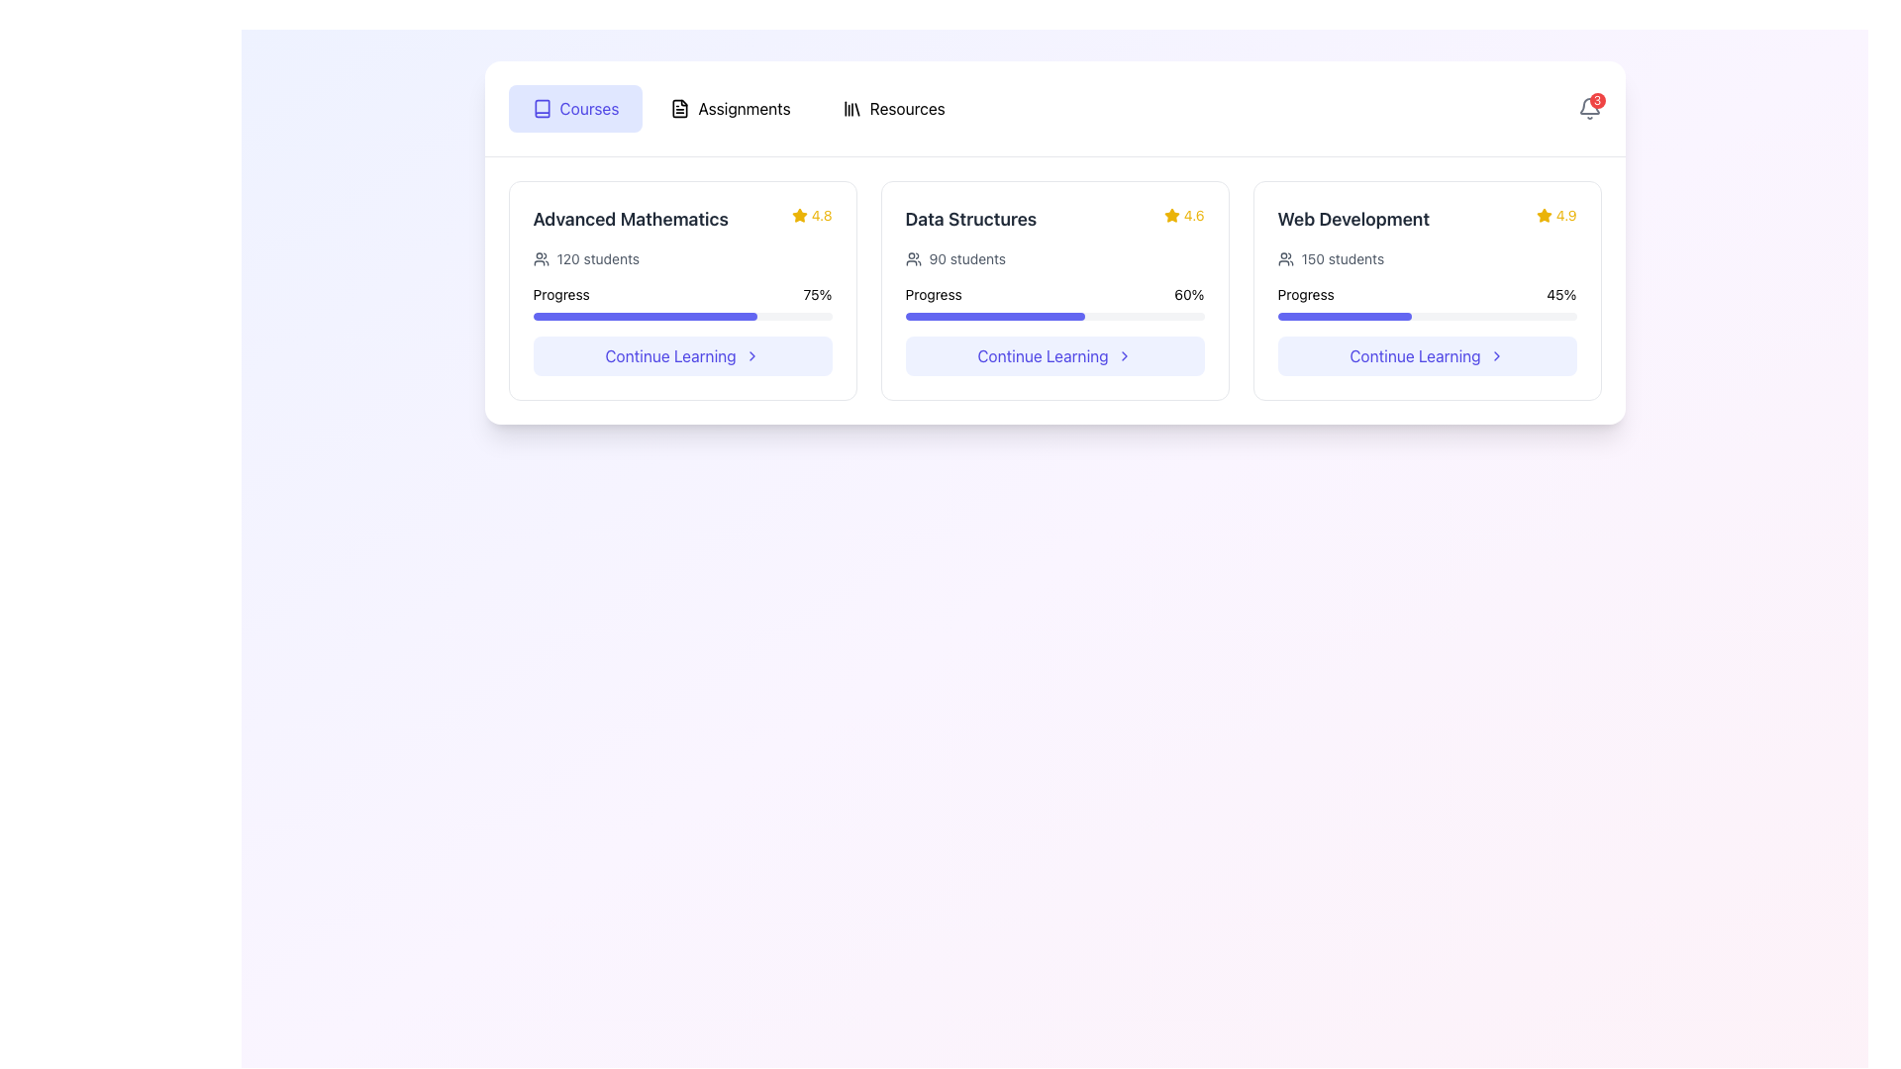 This screenshot has height=1069, width=1901. What do you see at coordinates (560, 294) in the screenshot?
I see `the 'Progress' text label that displays the percentage of completion for 'Advanced Mathematics'` at bounding box center [560, 294].